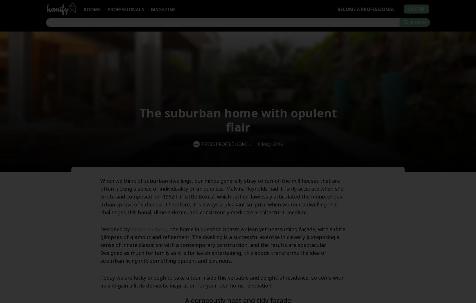  I want to click on 'Professionals', so click(125, 9).